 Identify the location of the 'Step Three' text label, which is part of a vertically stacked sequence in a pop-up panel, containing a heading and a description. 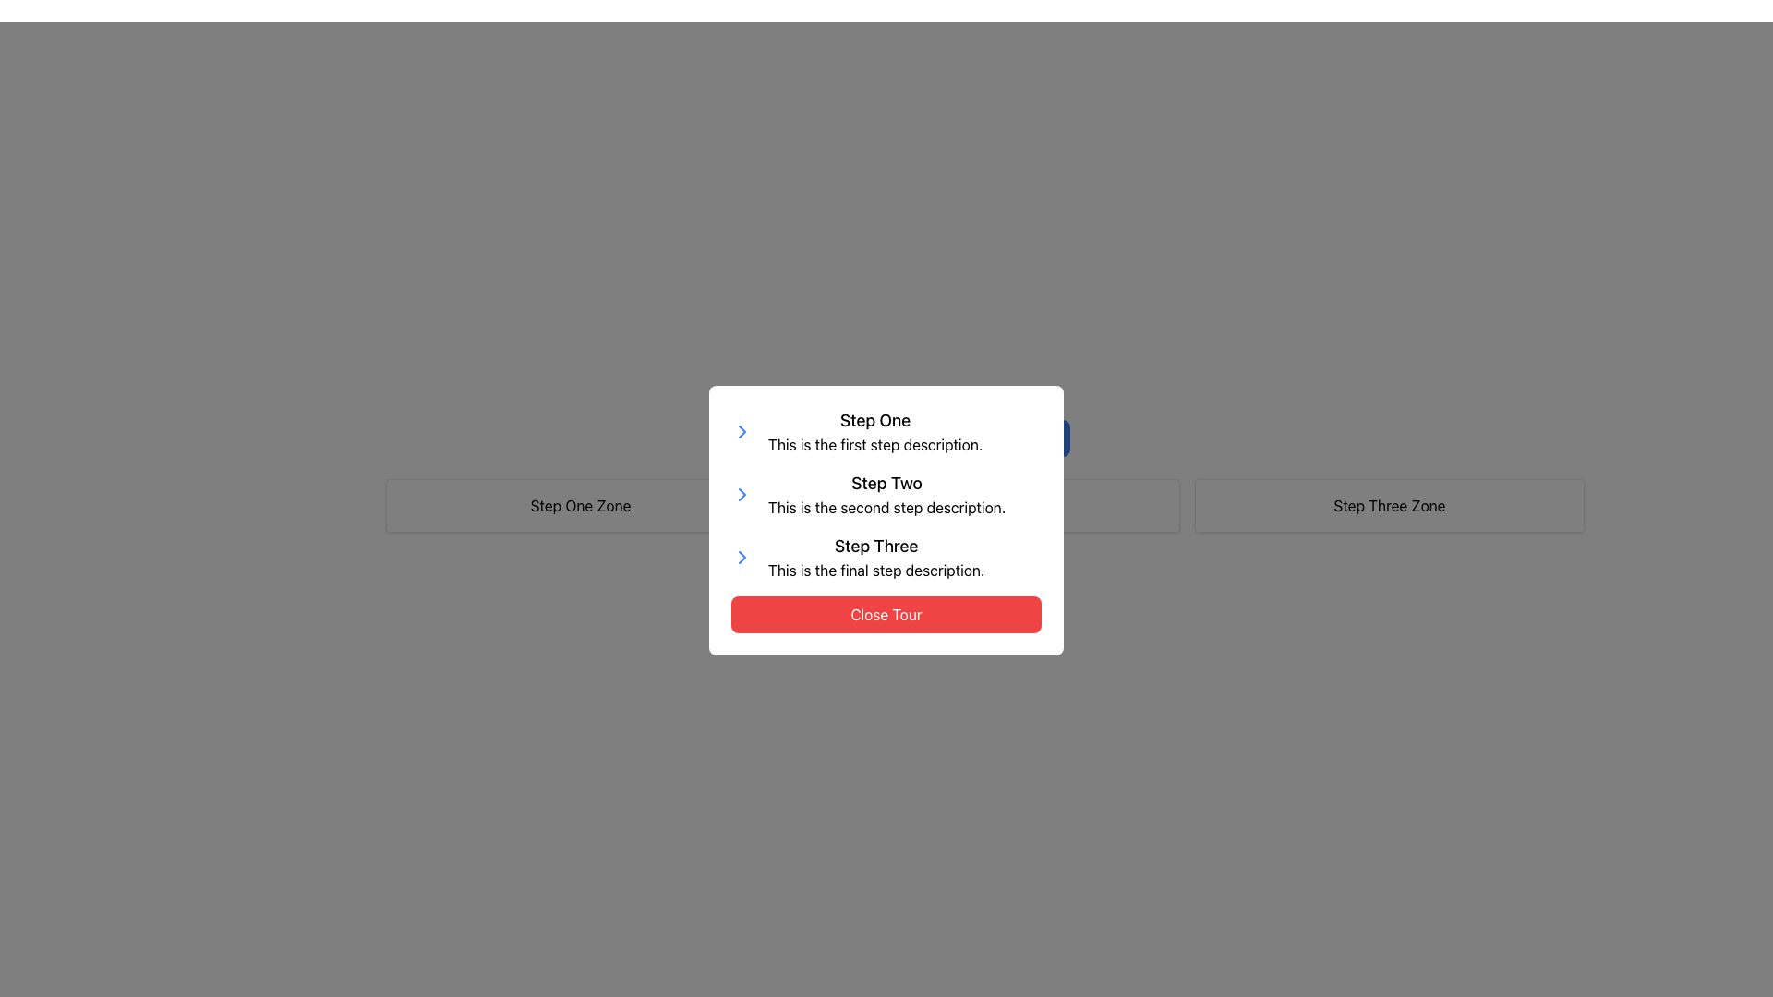
(875, 557).